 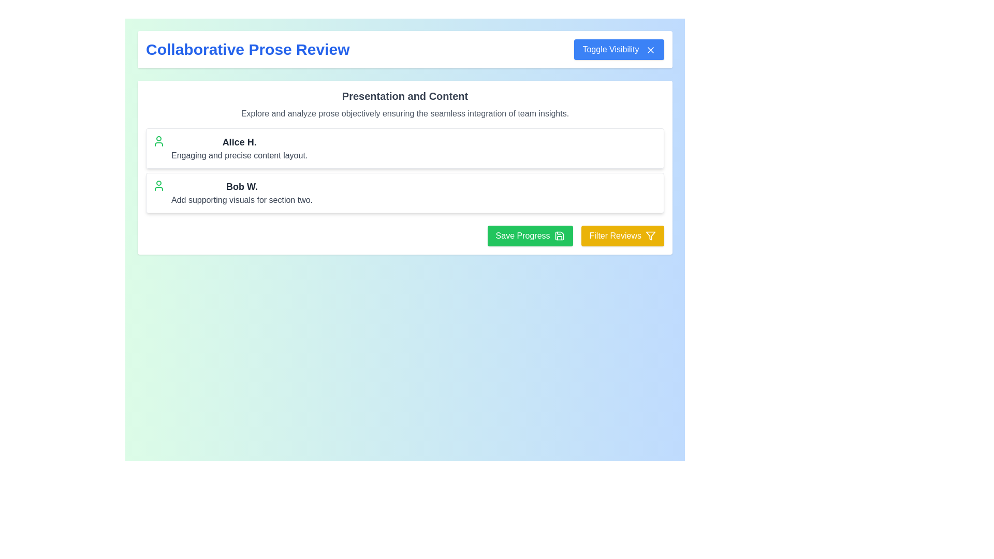 I want to click on the close SVG icon located on the far right of the 'Toggle Visibility' button in the top-right corner of the interface, so click(x=650, y=50).